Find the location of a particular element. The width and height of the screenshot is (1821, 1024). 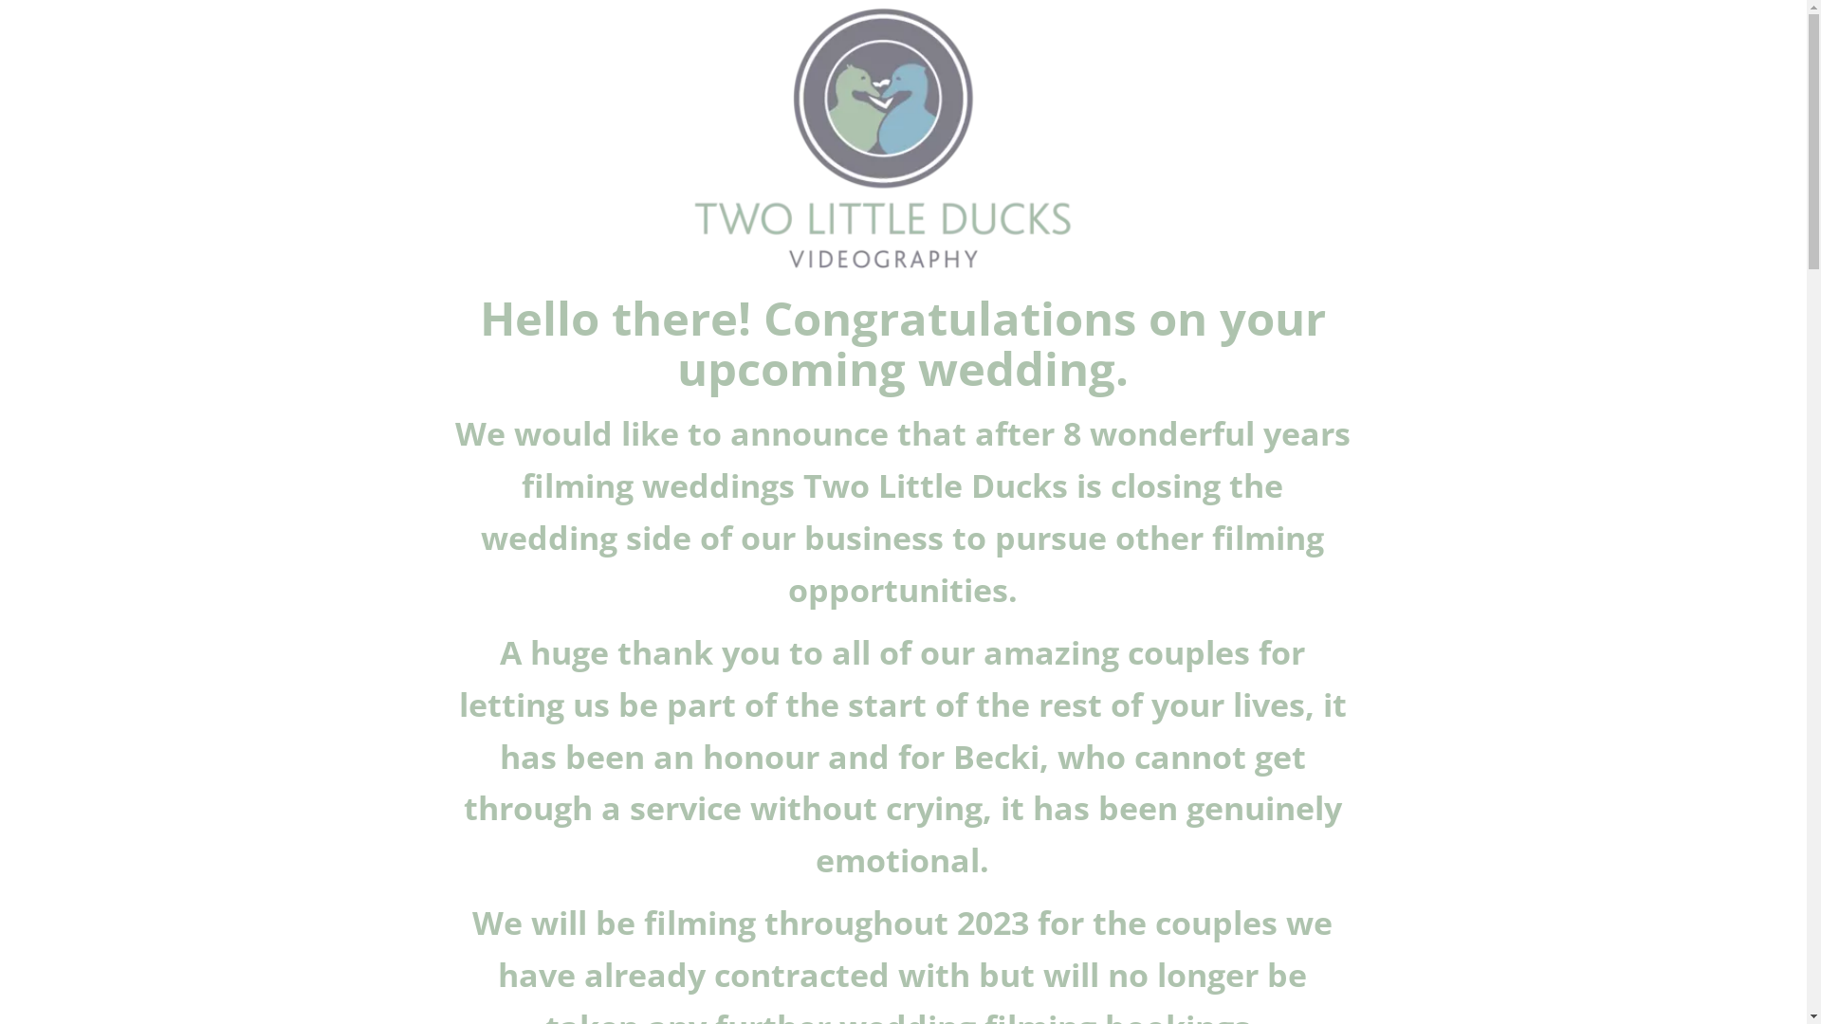

'2 Little Ducks Logo' is located at coordinates (885, 137).